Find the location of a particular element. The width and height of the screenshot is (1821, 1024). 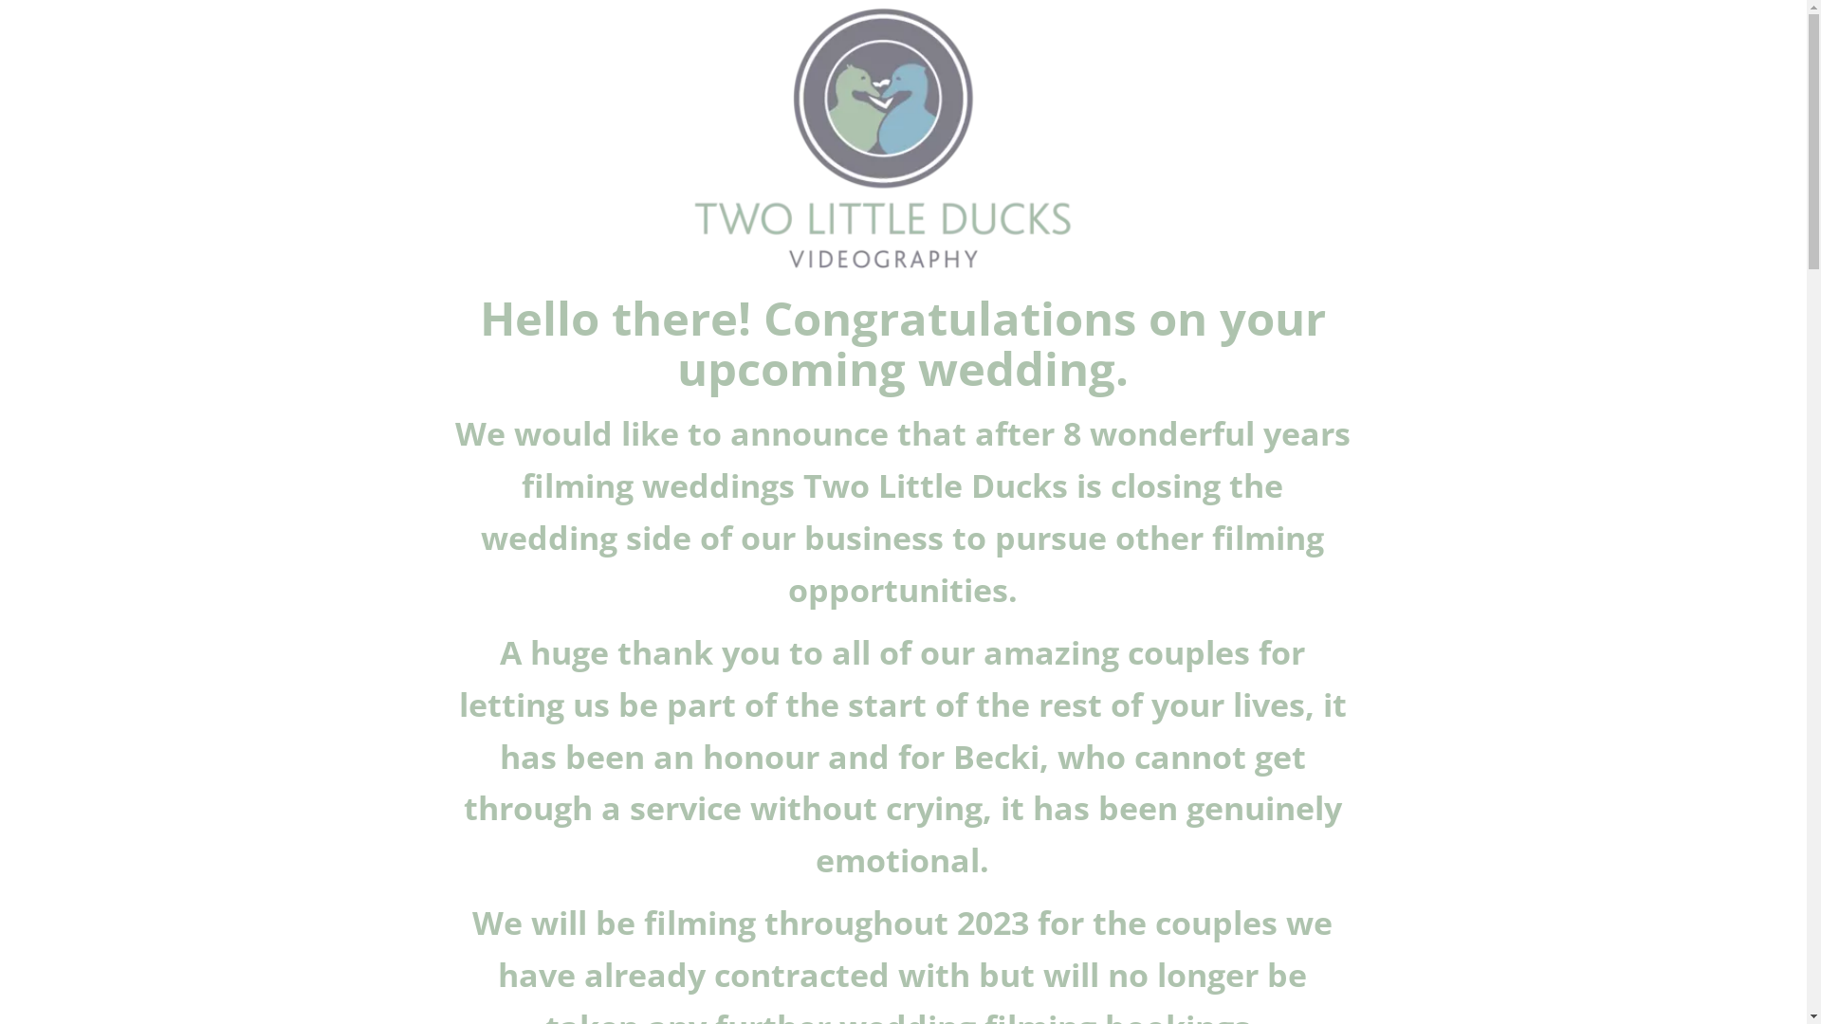

'2 Little Ducks Logo' is located at coordinates (885, 137).